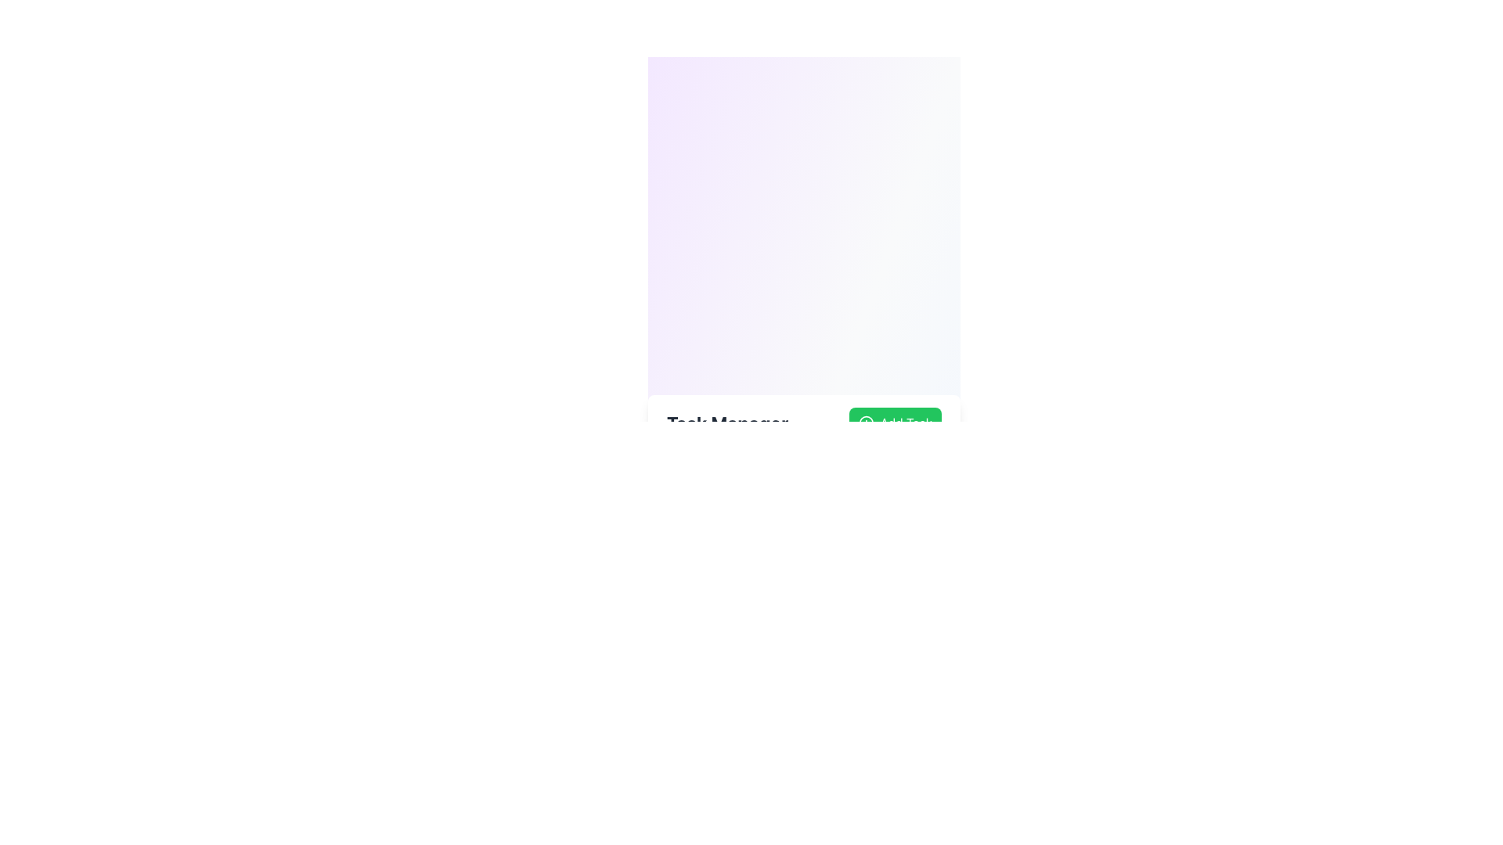  Describe the element at coordinates (865, 422) in the screenshot. I see `the circular icon with a plus sign inside, which has a green border and is part of the 'Add Task' button` at that location.